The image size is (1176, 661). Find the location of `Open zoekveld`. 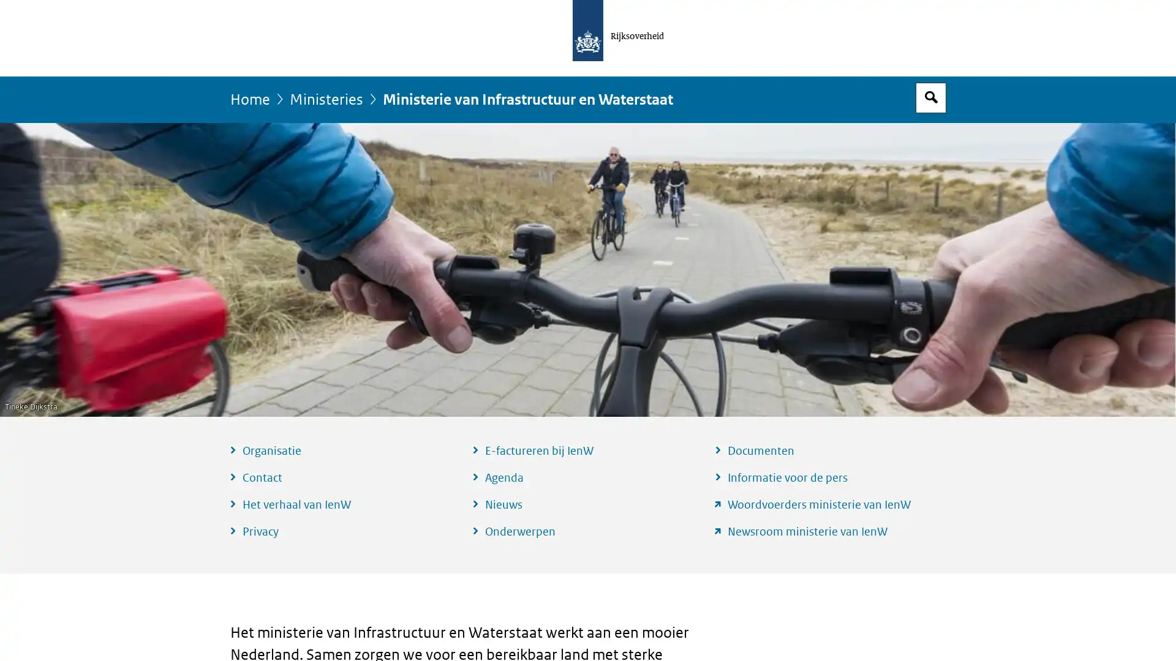

Open zoekveld is located at coordinates (931, 97).